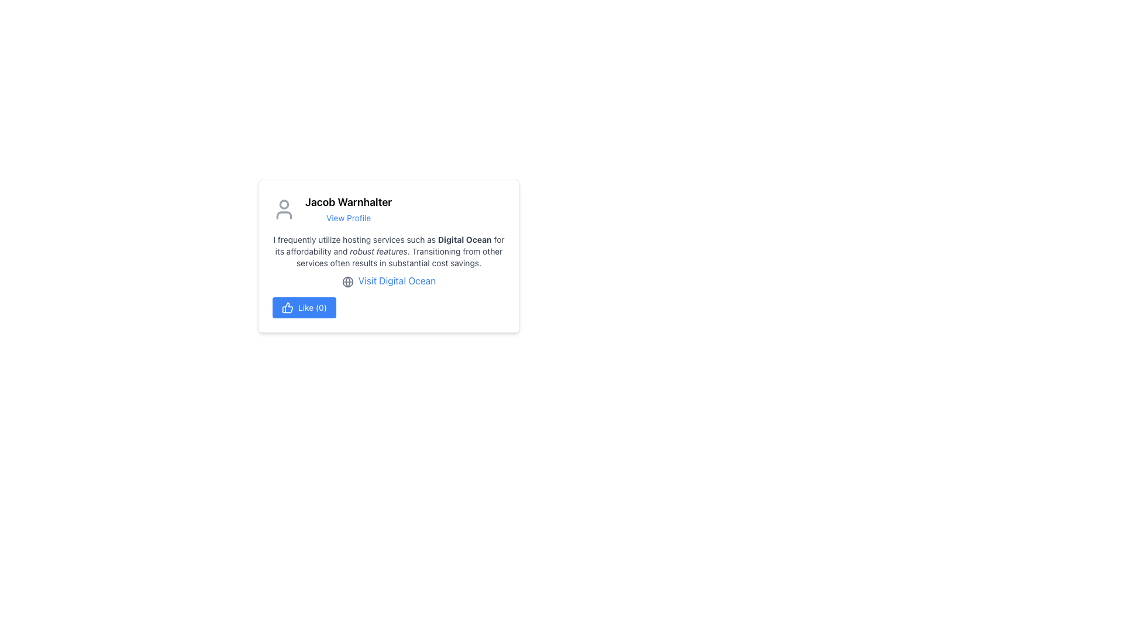  Describe the element at coordinates (389, 209) in the screenshot. I see `the Profile header that displays the individual's name and provides a link for navigation` at that location.